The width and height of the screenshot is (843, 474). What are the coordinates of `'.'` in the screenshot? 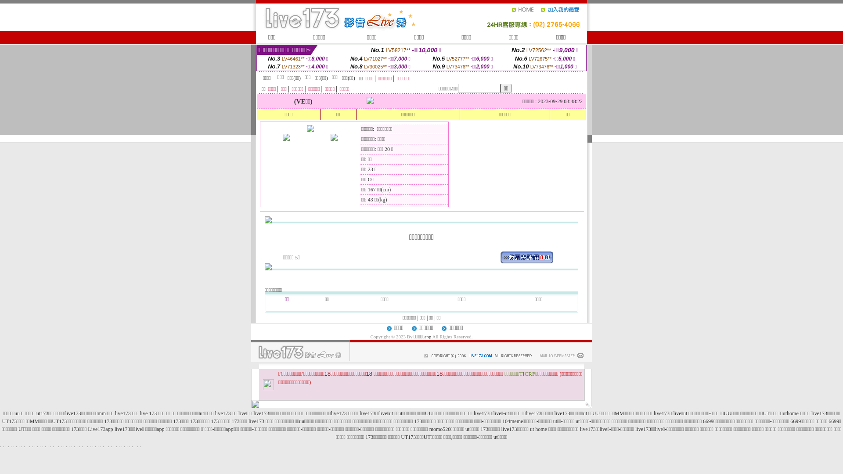 It's located at (19, 445).